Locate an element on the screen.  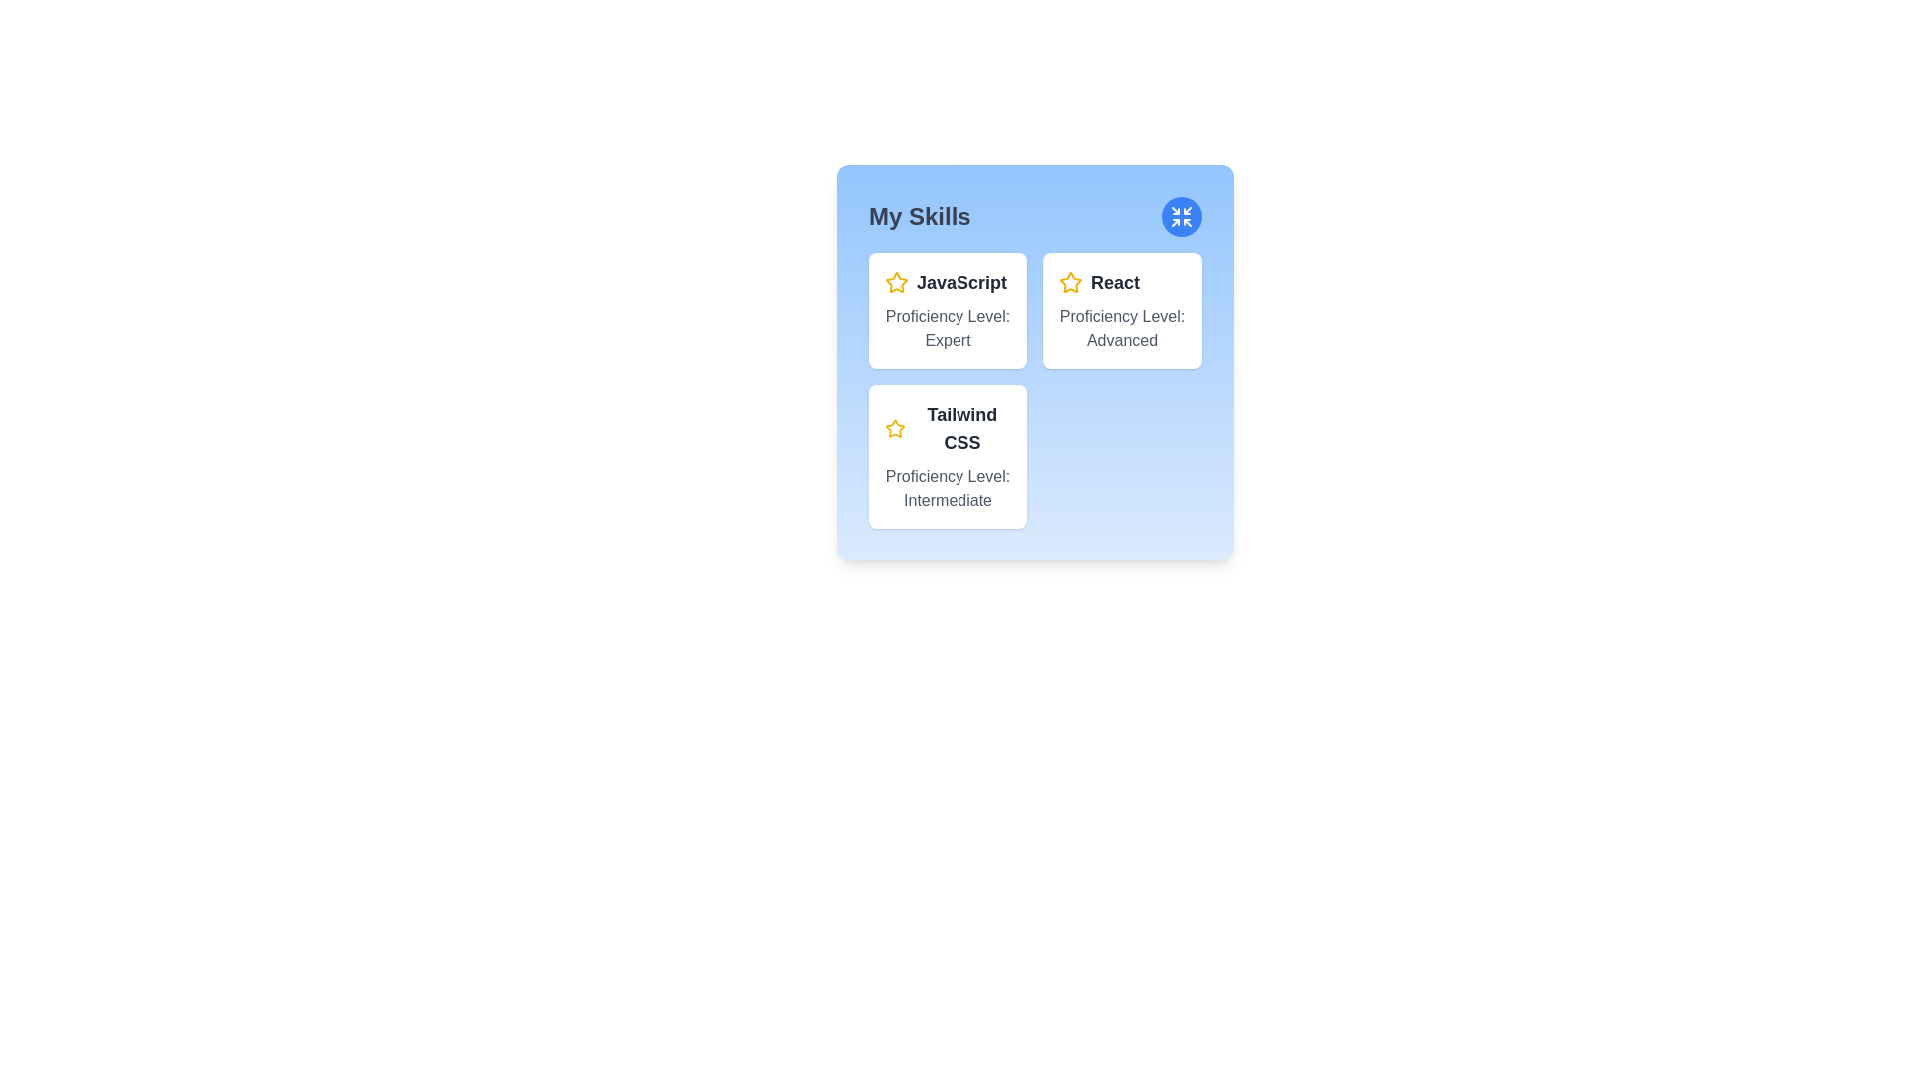
proficiency level descriptor text for the skill 'React', located in the second position within a card layout, centered horizontally beneath the title text and adjacent star icon is located at coordinates (1122, 327).